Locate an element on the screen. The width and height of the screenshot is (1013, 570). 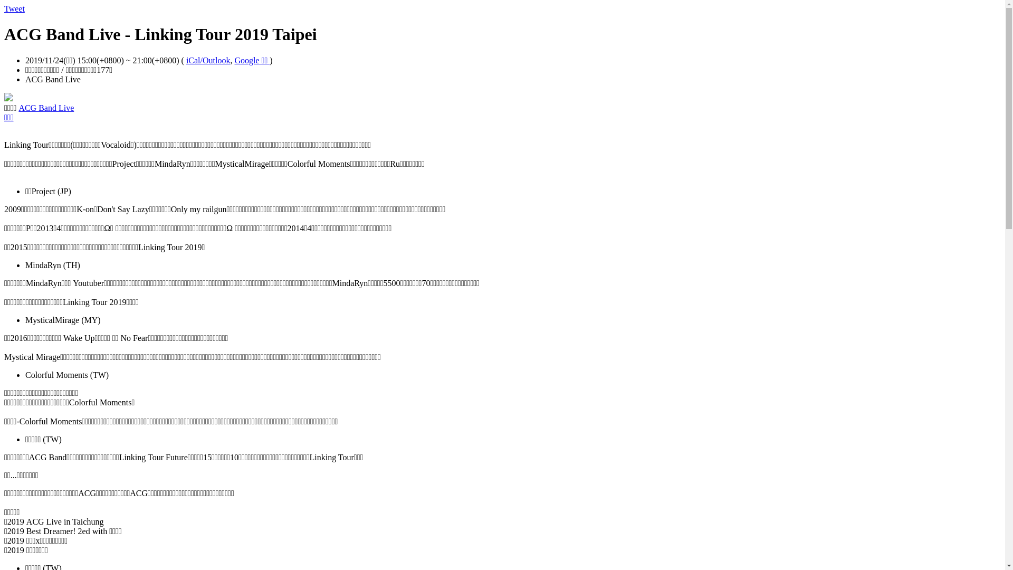
'iCal/Outlook' is located at coordinates (186, 60).